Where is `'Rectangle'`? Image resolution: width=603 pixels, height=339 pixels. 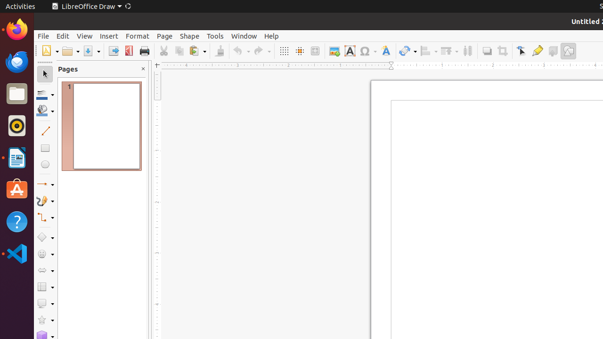
'Rectangle' is located at coordinates (44, 147).